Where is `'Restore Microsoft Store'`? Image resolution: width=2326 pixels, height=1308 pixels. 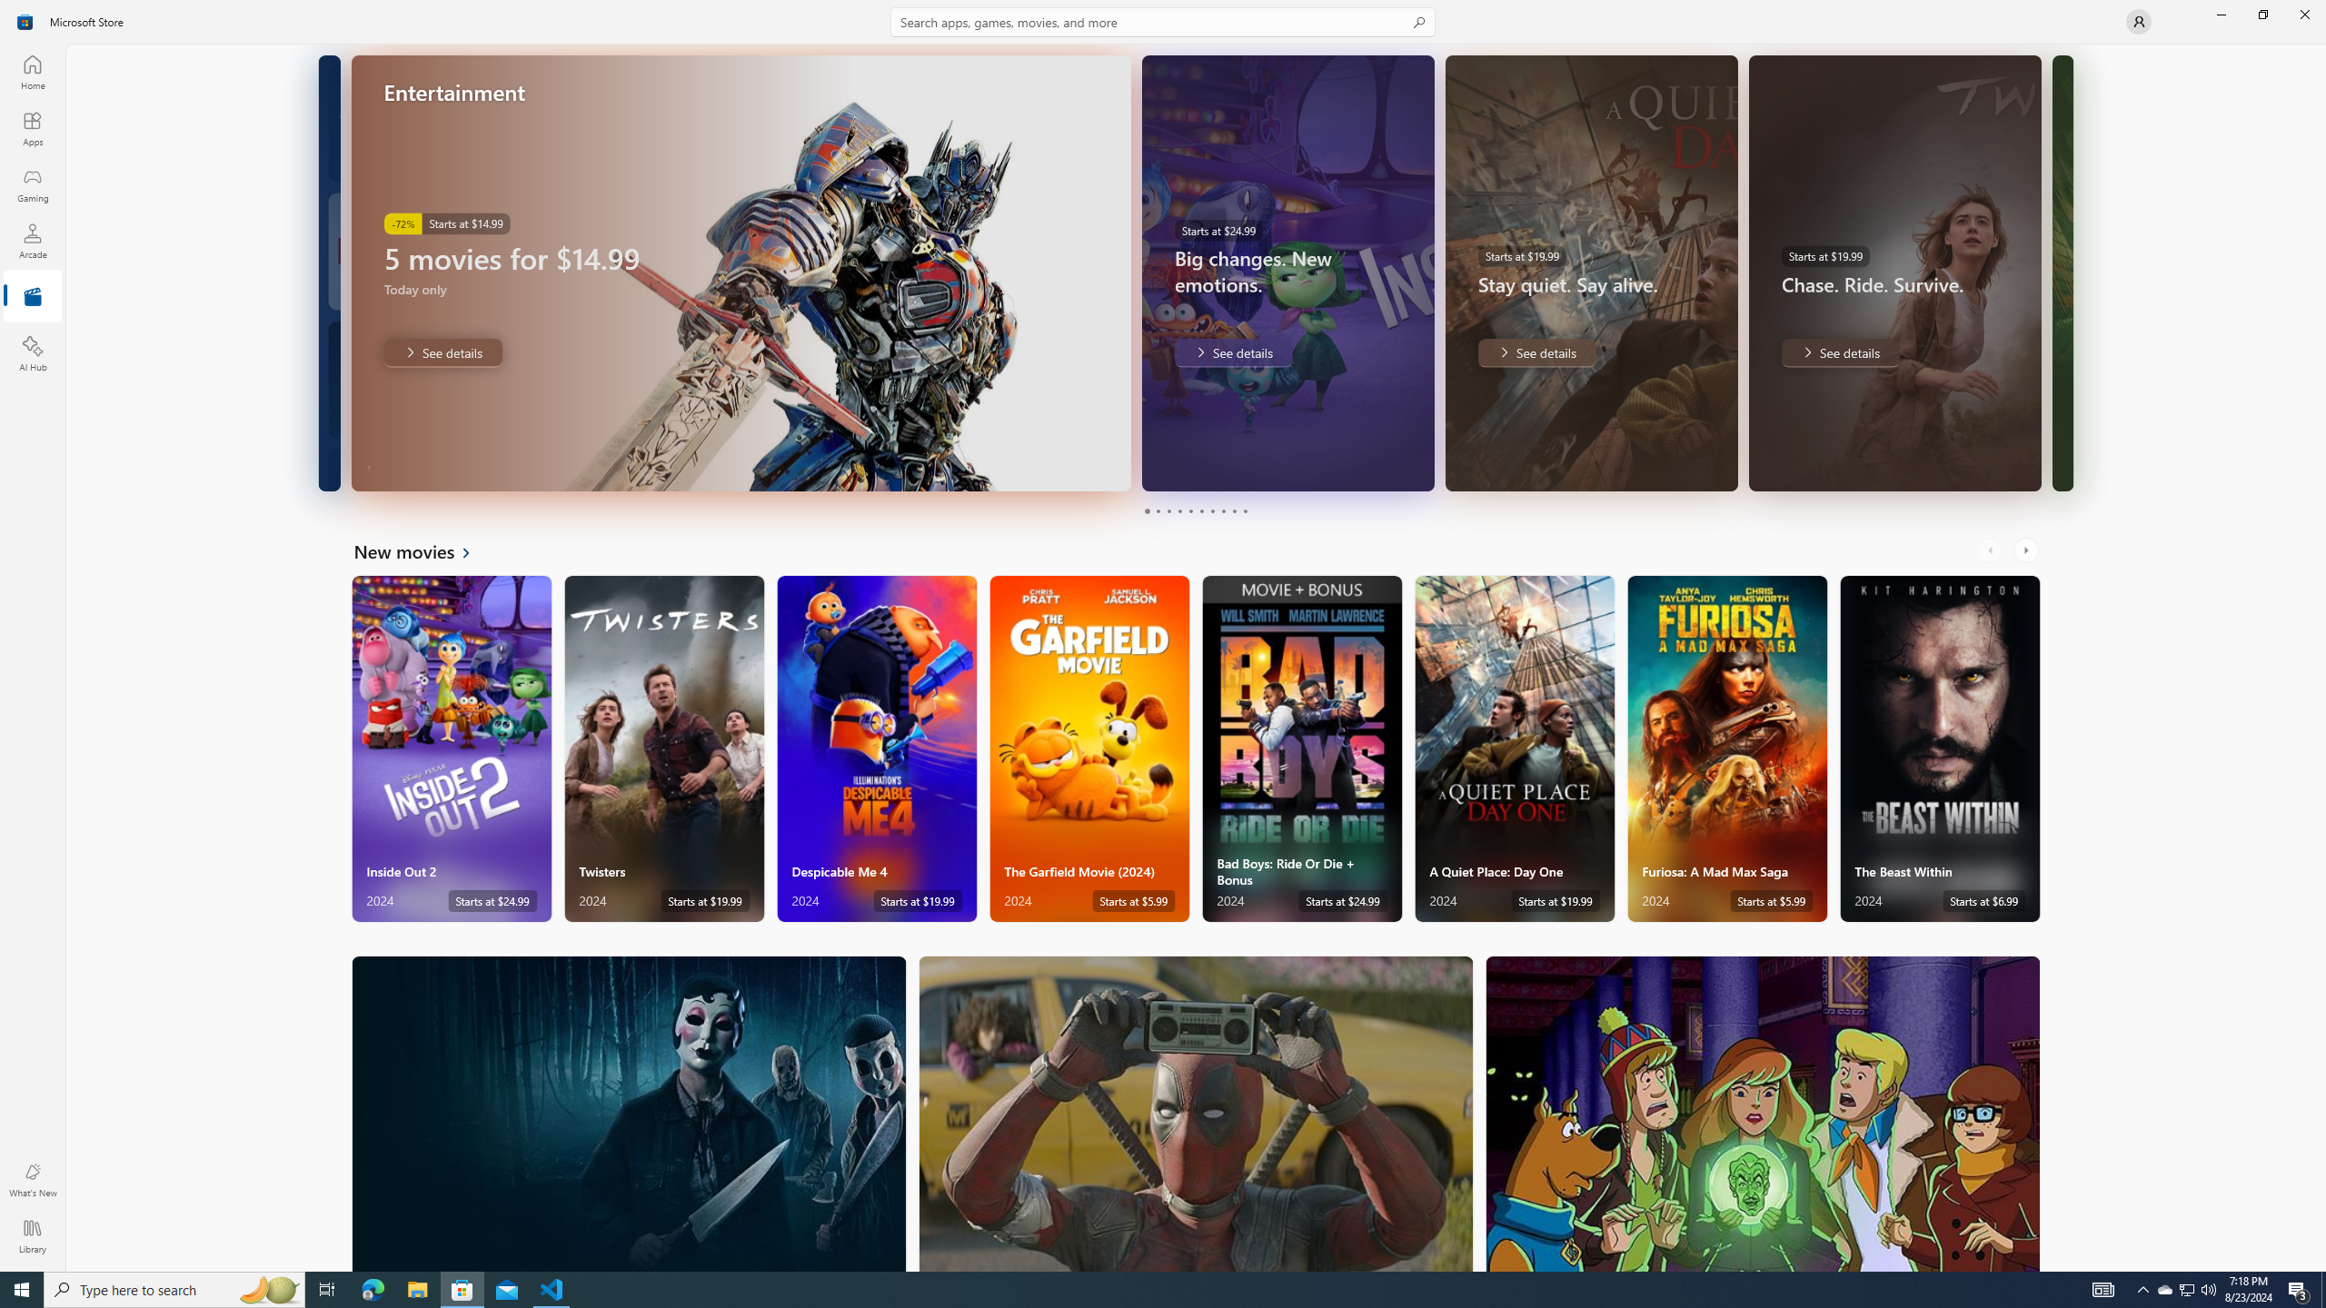
'Restore Microsoft Store' is located at coordinates (2262, 14).